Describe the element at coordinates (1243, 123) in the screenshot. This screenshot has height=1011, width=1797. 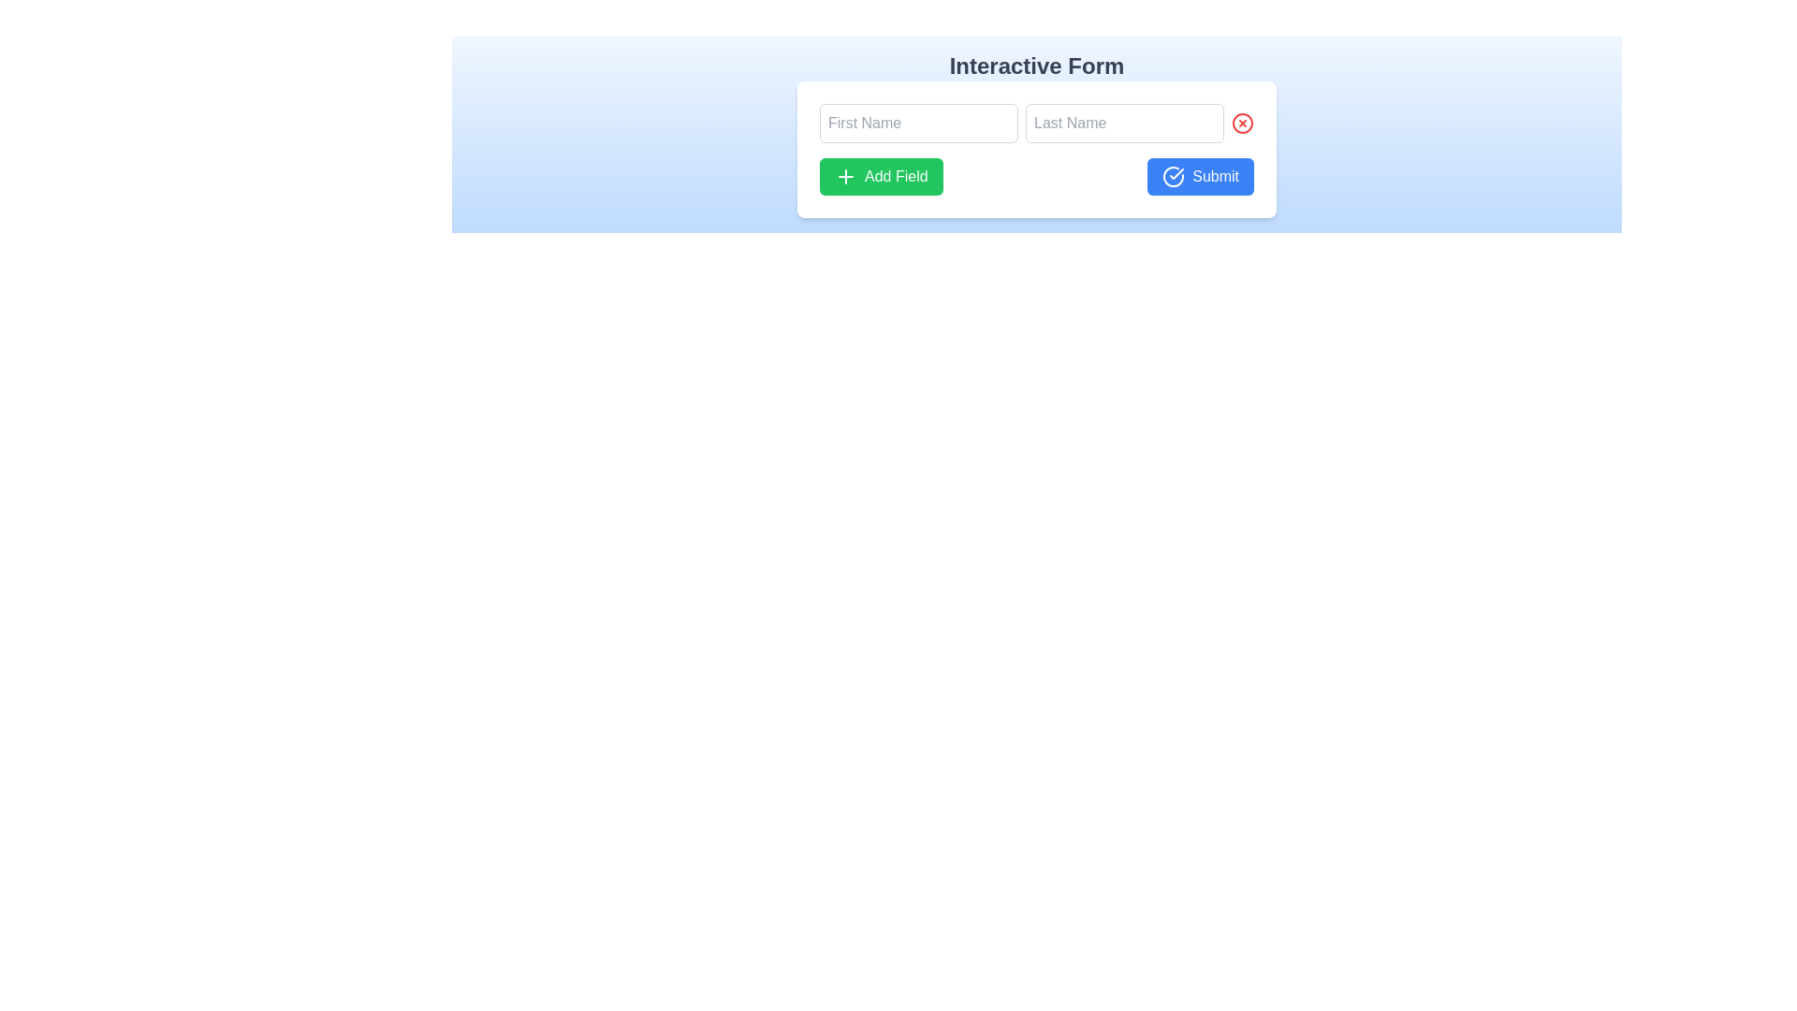
I see `the cancel button located to the right of the 'Last Name' input field to clear the associated input field` at that location.